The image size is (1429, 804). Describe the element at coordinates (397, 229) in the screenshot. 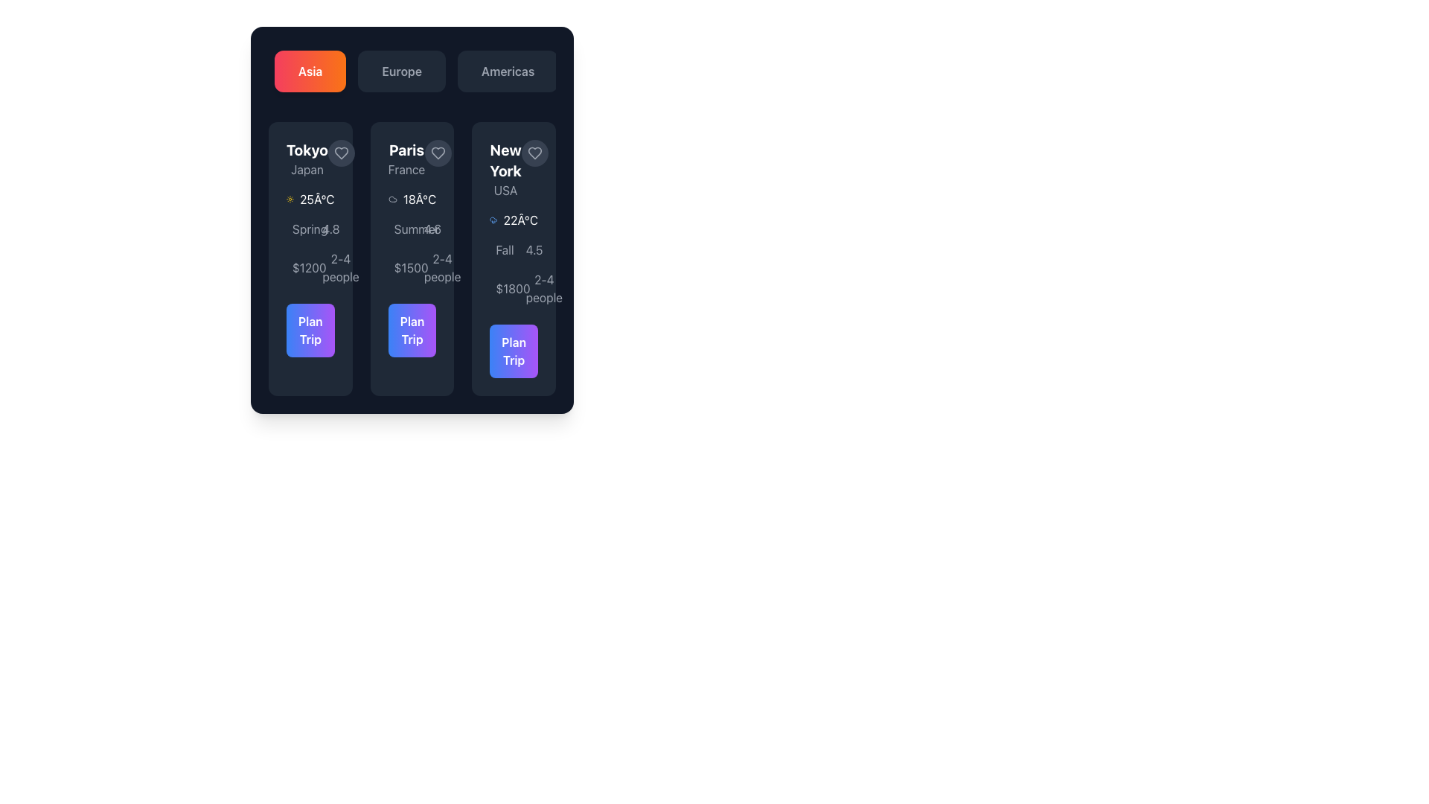

I see `the Label with Icon that indicates the season associated with the related destination, located in the second card of the grid layout, between the temperature and rating value` at that location.